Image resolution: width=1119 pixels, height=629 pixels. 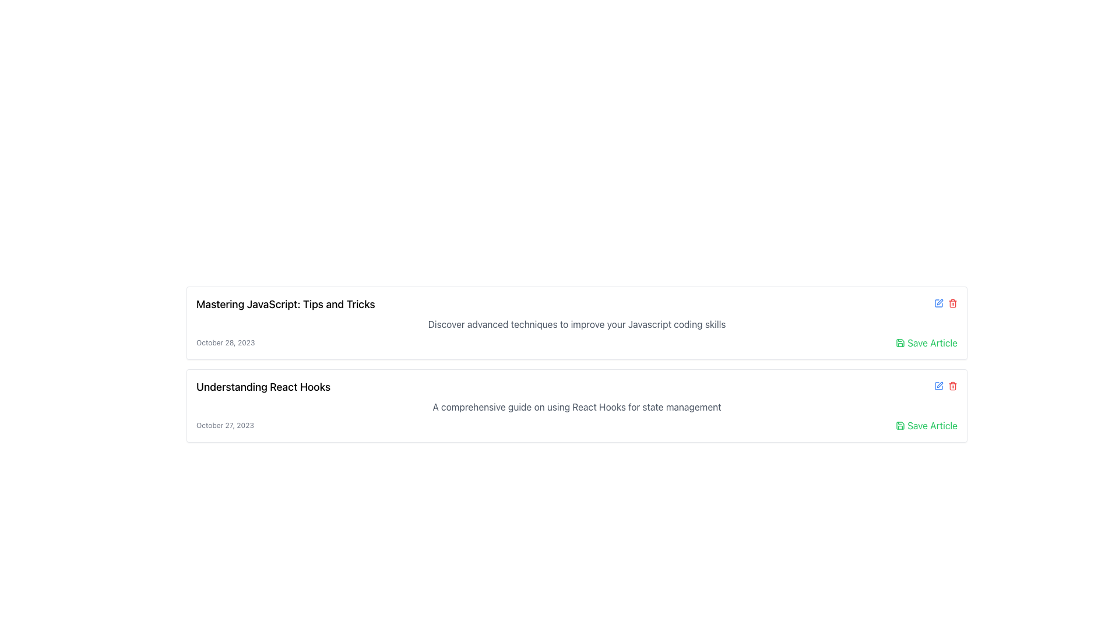 What do you see at coordinates (939, 384) in the screenshot?
I see `the pen icon to initiate an edit action for the content associated with 'Understanding React Hooks'` at bounding box center [939, 384].